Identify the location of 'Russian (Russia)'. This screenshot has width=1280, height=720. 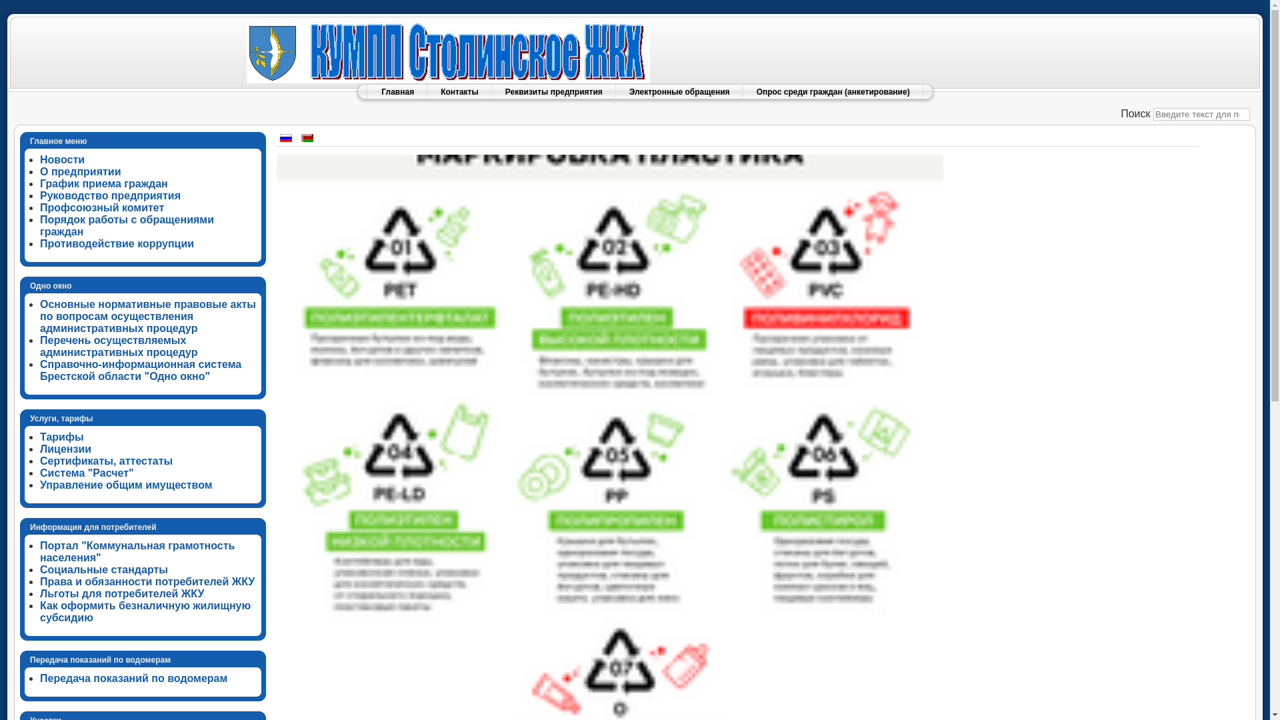
(285, 138).